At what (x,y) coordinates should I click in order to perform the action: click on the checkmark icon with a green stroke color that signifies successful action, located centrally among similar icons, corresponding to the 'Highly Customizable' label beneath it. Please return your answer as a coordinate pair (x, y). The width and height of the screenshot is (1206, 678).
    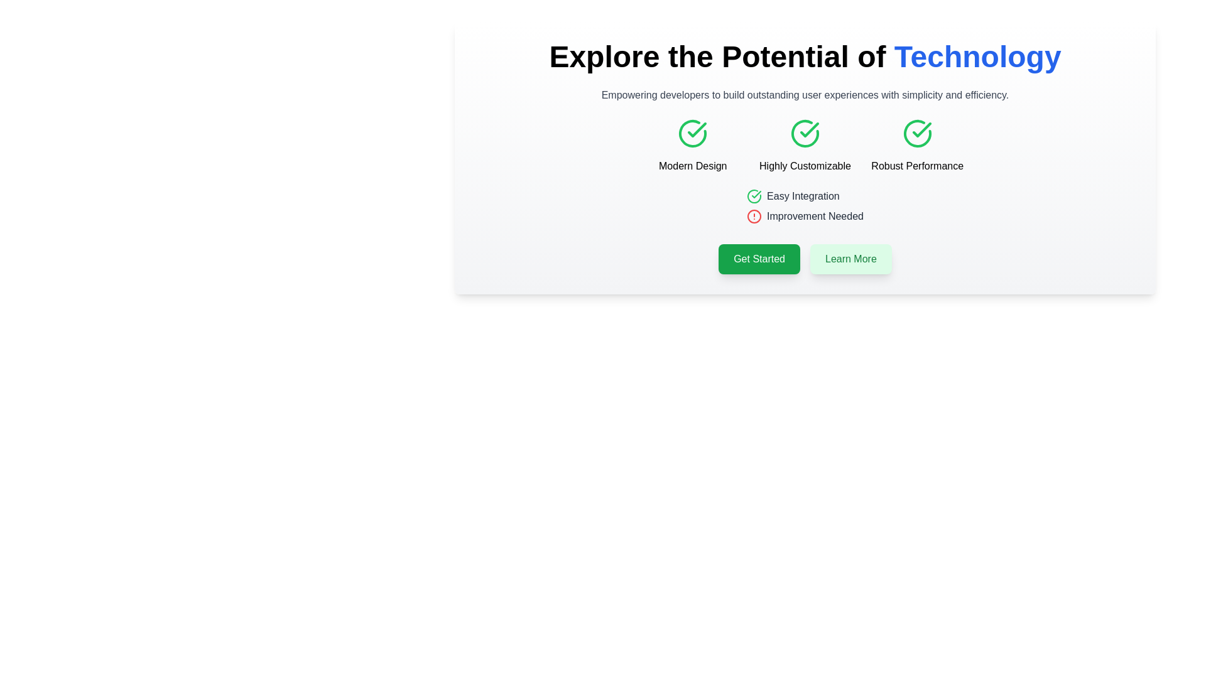
    Looking at the image, I should click on (809, 130).